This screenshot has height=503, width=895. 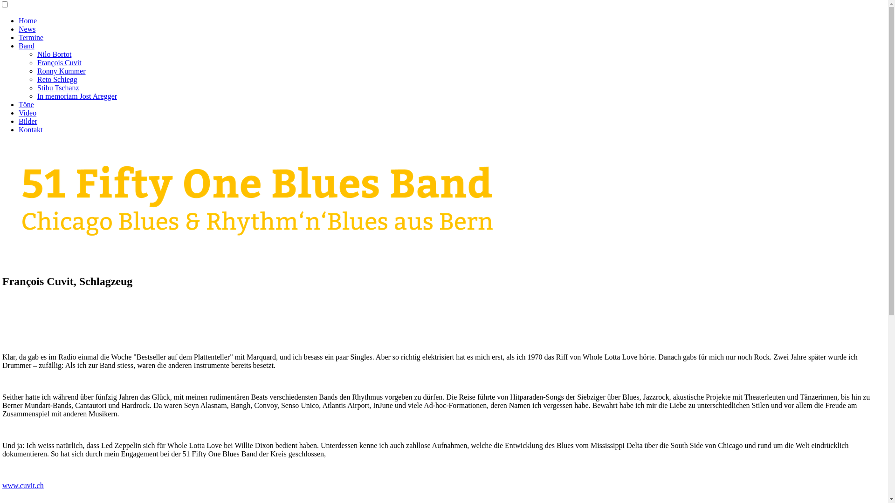 I want to click on 'In memoriam Jost Aregger', so click(x=77, y=96).